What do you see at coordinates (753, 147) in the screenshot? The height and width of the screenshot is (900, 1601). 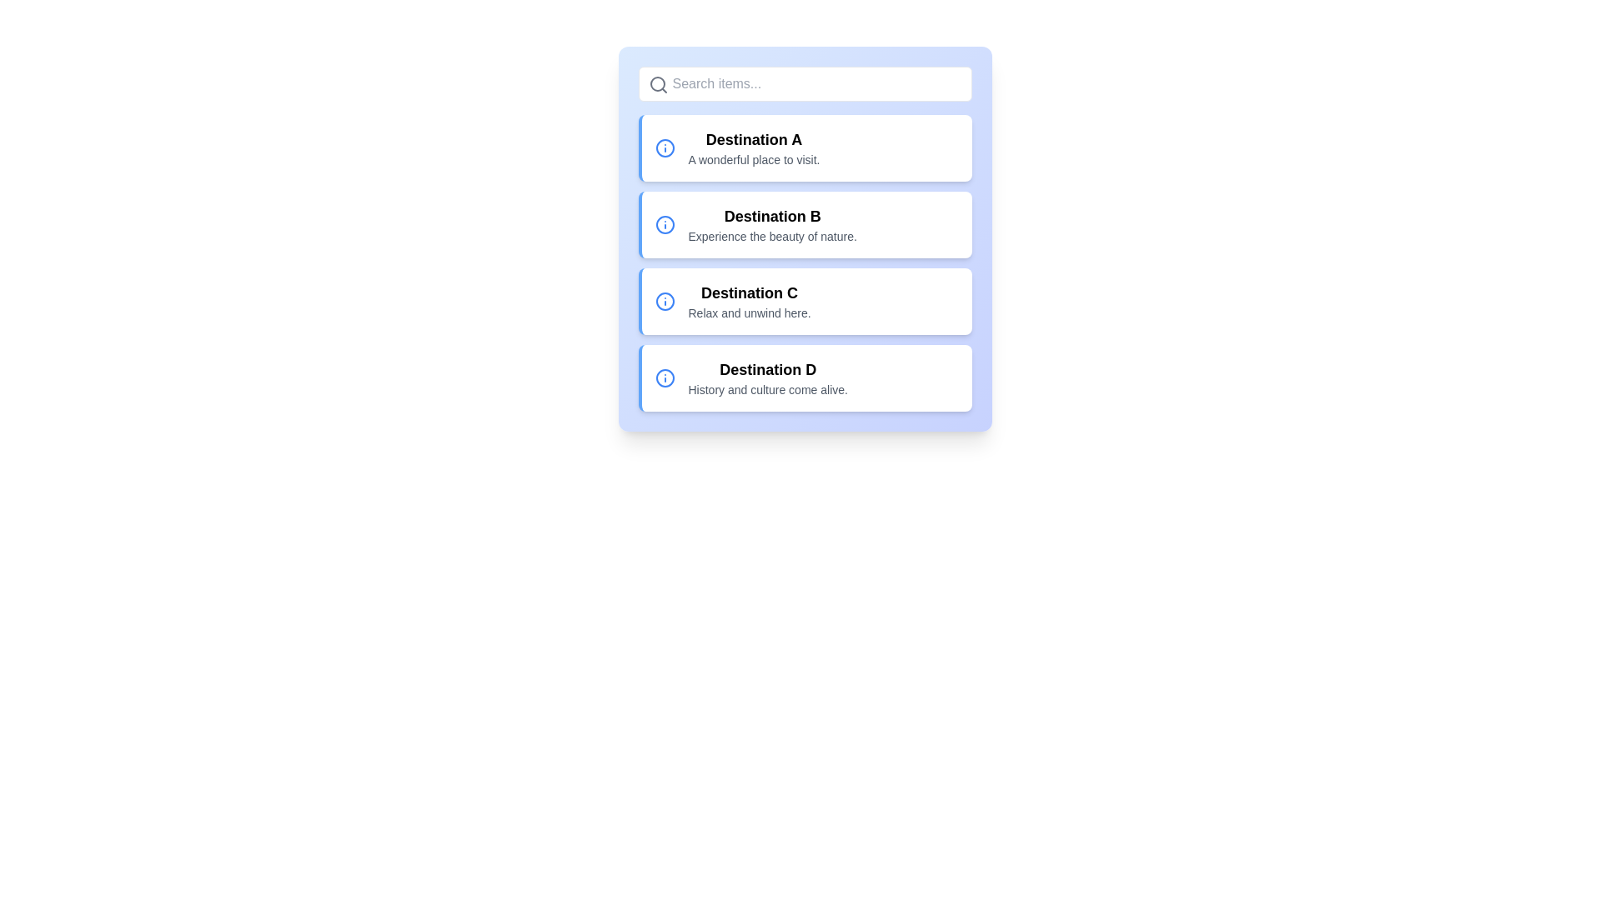 I see `the text block that displays 'Destination A' and 'A wonderful place to visit.', located in the topmost card beneath the search bar` at bounding box center [753, 147].